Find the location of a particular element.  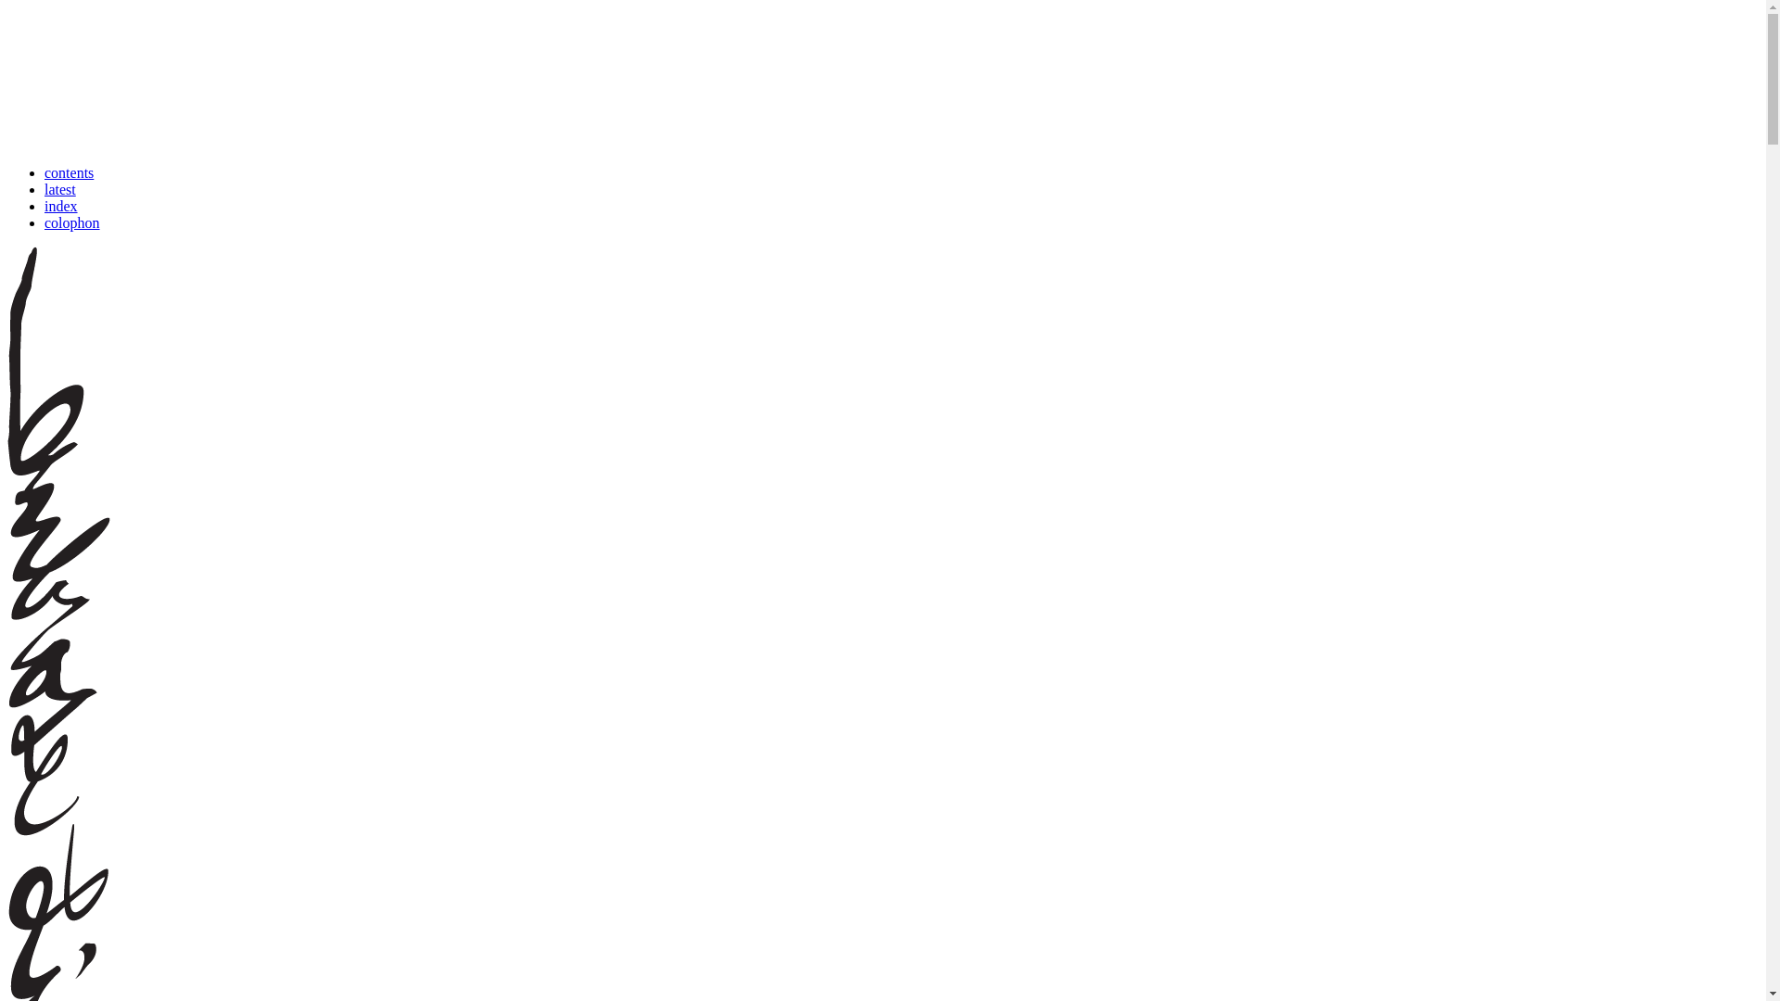

'index' is located at coordinates (44, 206).